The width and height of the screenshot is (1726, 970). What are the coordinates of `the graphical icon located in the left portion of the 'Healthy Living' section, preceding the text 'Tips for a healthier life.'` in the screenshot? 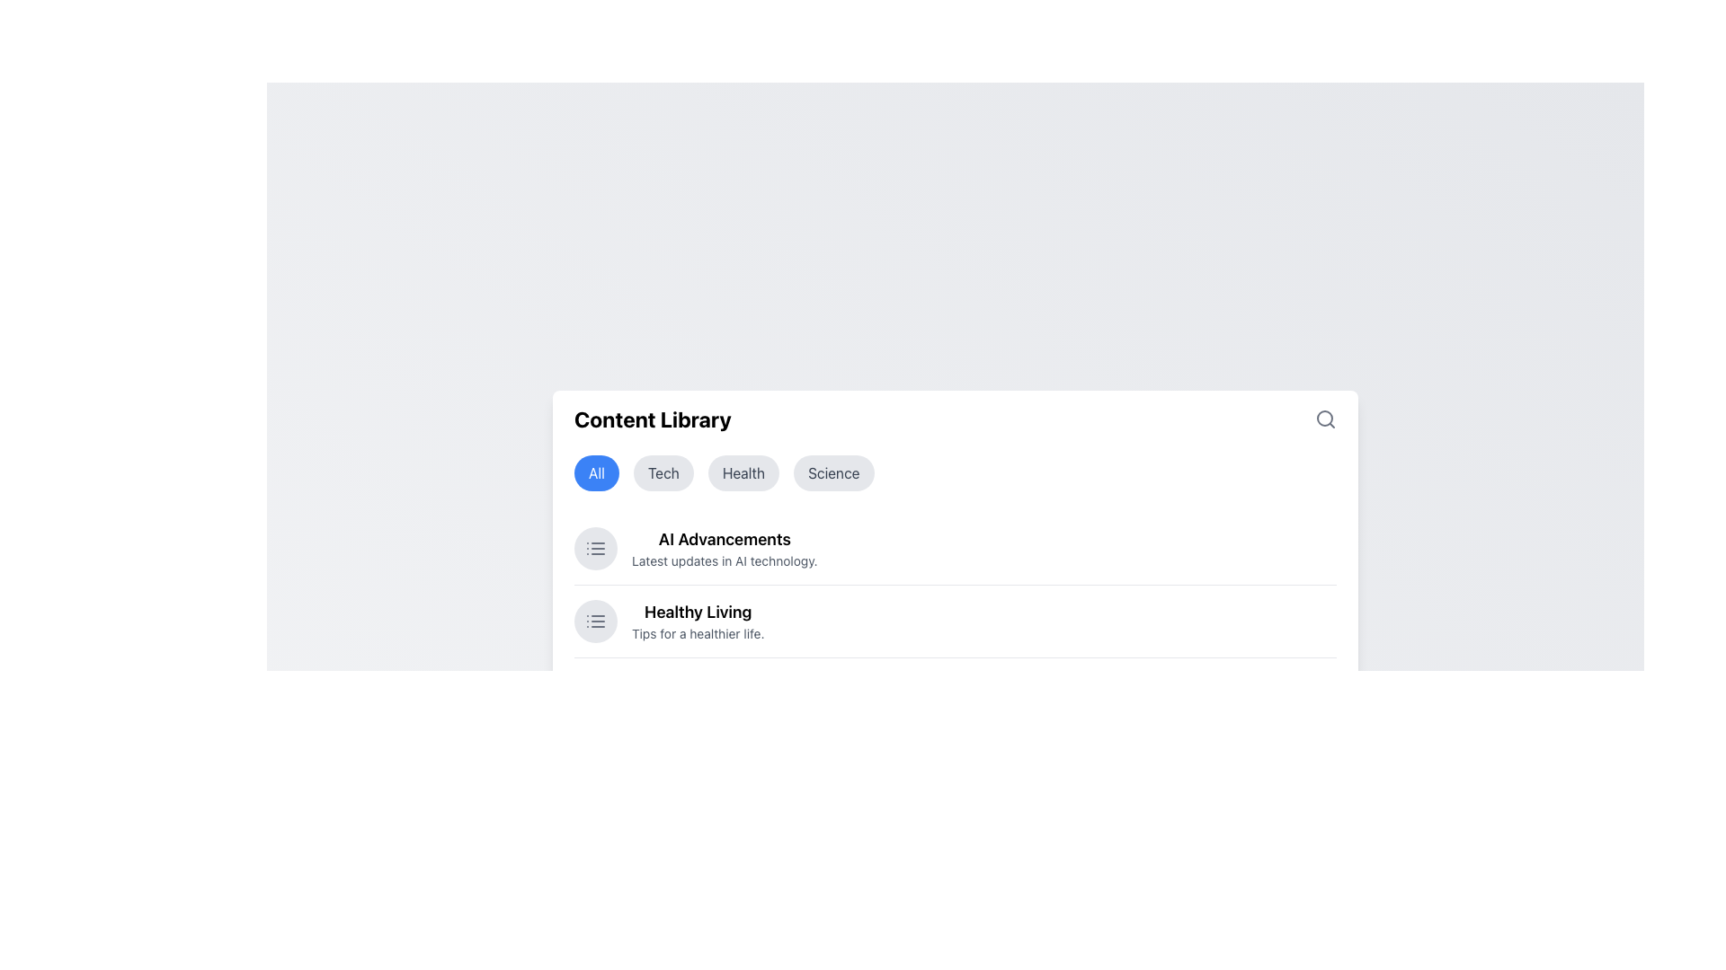 It's located at (595, 620).